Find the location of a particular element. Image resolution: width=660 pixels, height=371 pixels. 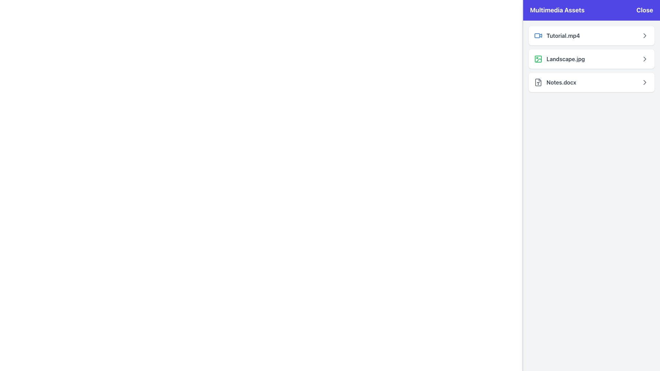

the selectable list item representing the file 'Landscape.jpg', which is the second item in the vertical list is located at coordinates (591, 59).